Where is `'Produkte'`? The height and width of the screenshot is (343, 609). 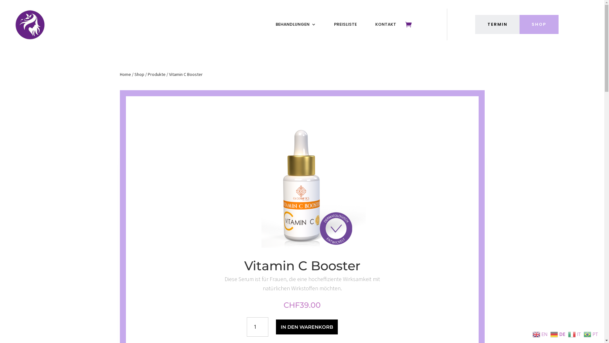
'Produkte' is located at coordinates (147, 74).